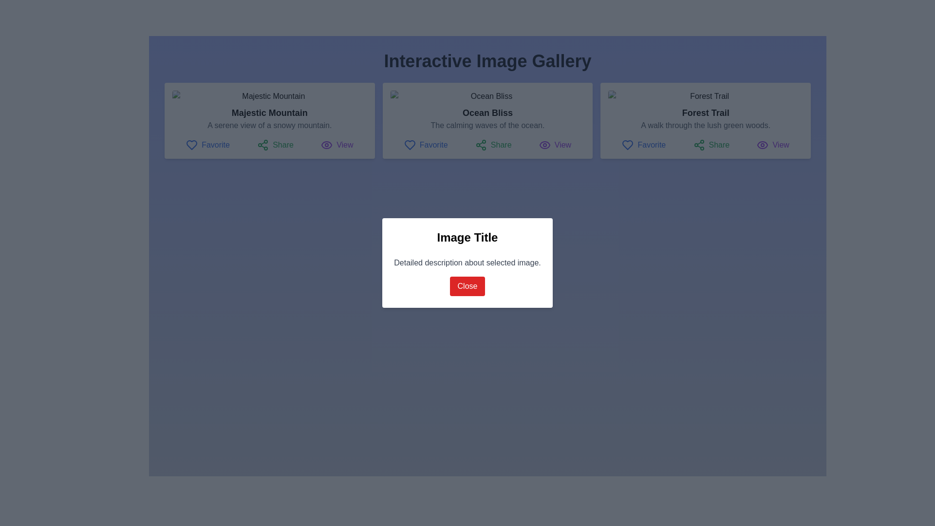 The height and width of the screenshot is (526, 935). I want to click on the 'Share' button, which features a green share icon and text, so click(275, 145).